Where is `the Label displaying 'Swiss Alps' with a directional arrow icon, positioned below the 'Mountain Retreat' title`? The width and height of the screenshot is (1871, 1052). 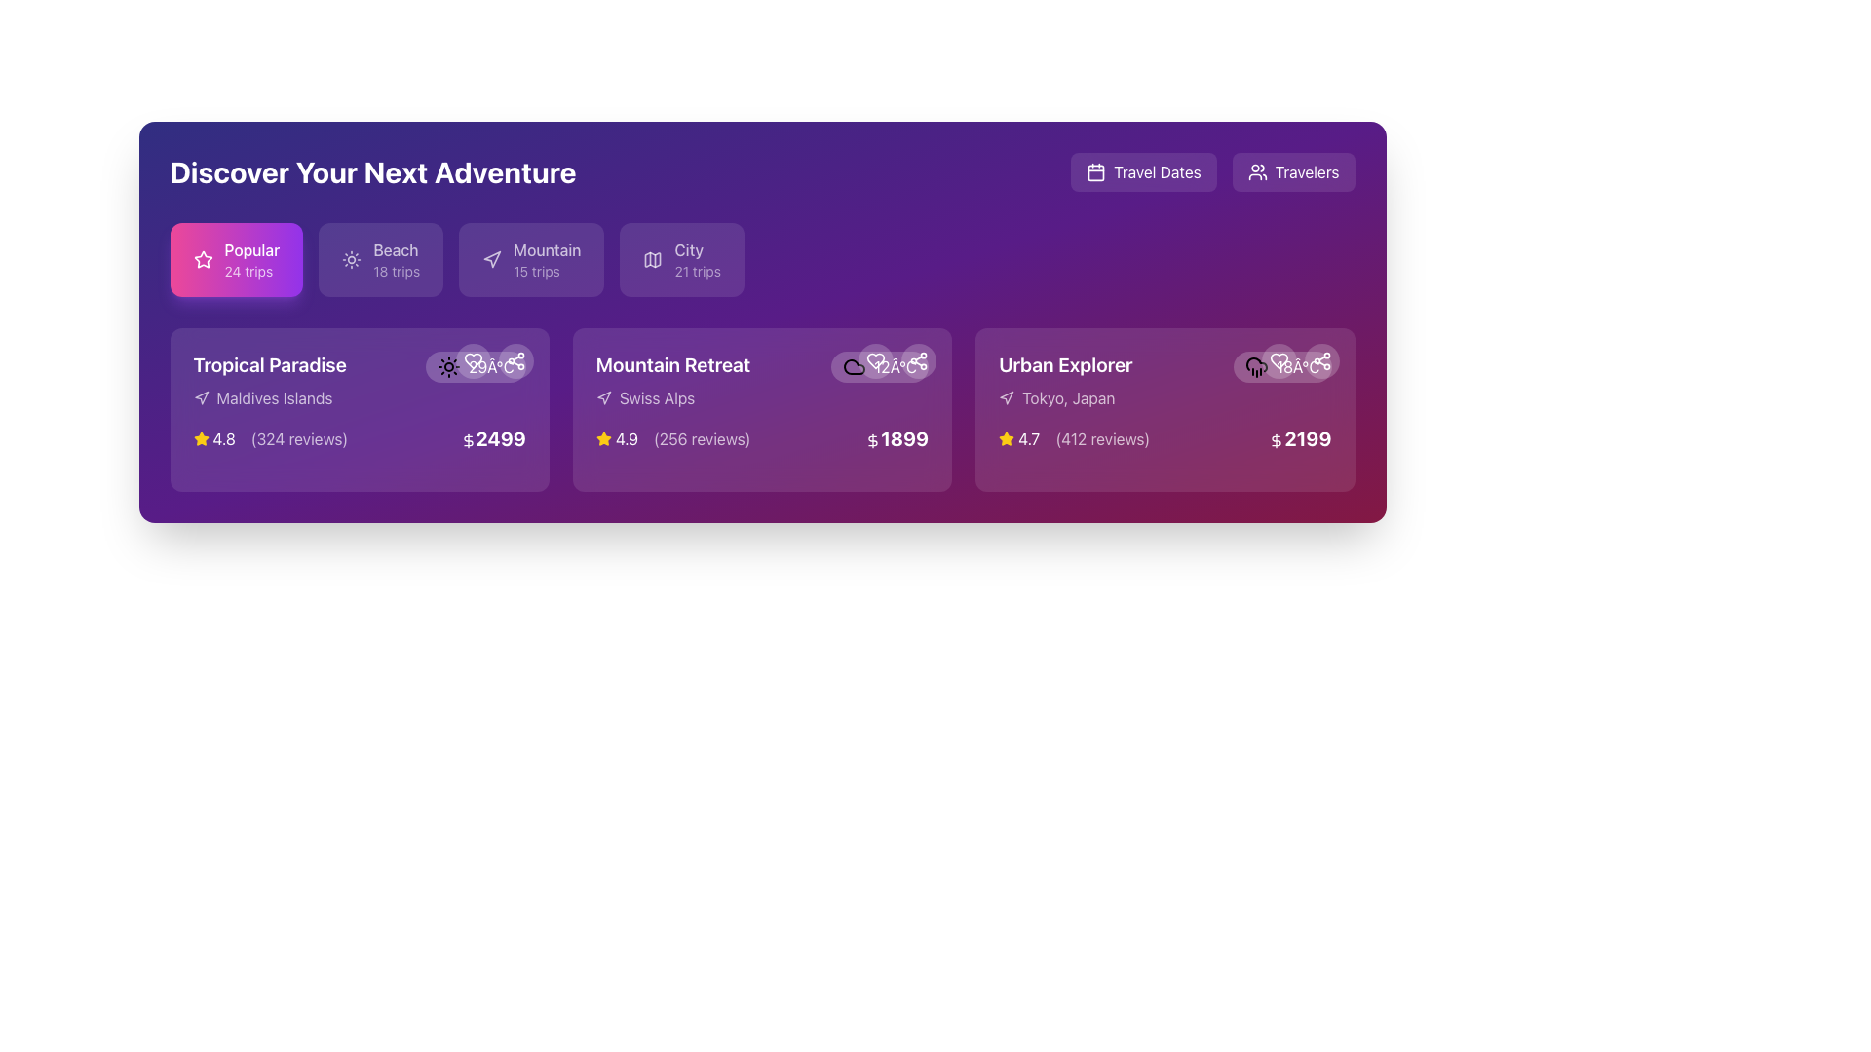
the Label displaying 'Swiss Alps' with a directional arrow icon, positioned below the 'Mountain Retreat' title is located at coordinates (673, 396).